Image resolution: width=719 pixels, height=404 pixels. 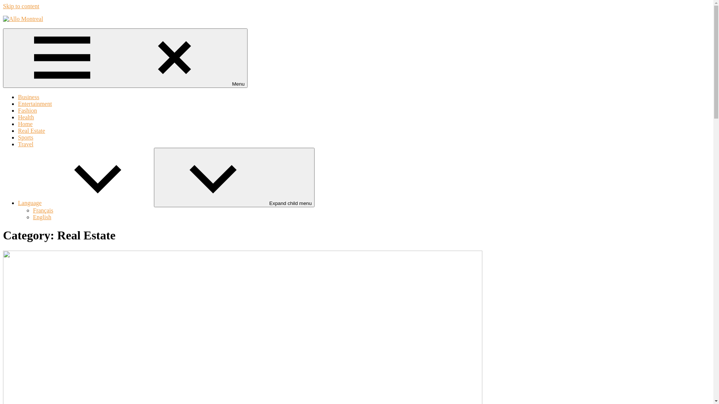 What do you see at coordinates (42, 217) in the screenshot?
I see `'English'` at bounding box center [42, 217].